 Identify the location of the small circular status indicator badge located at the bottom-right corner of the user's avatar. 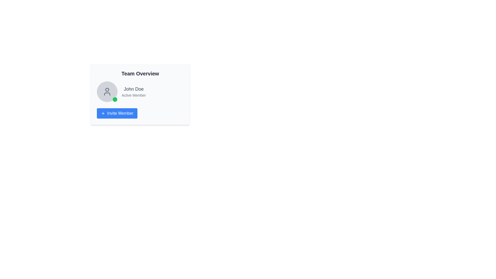
(115, 99).